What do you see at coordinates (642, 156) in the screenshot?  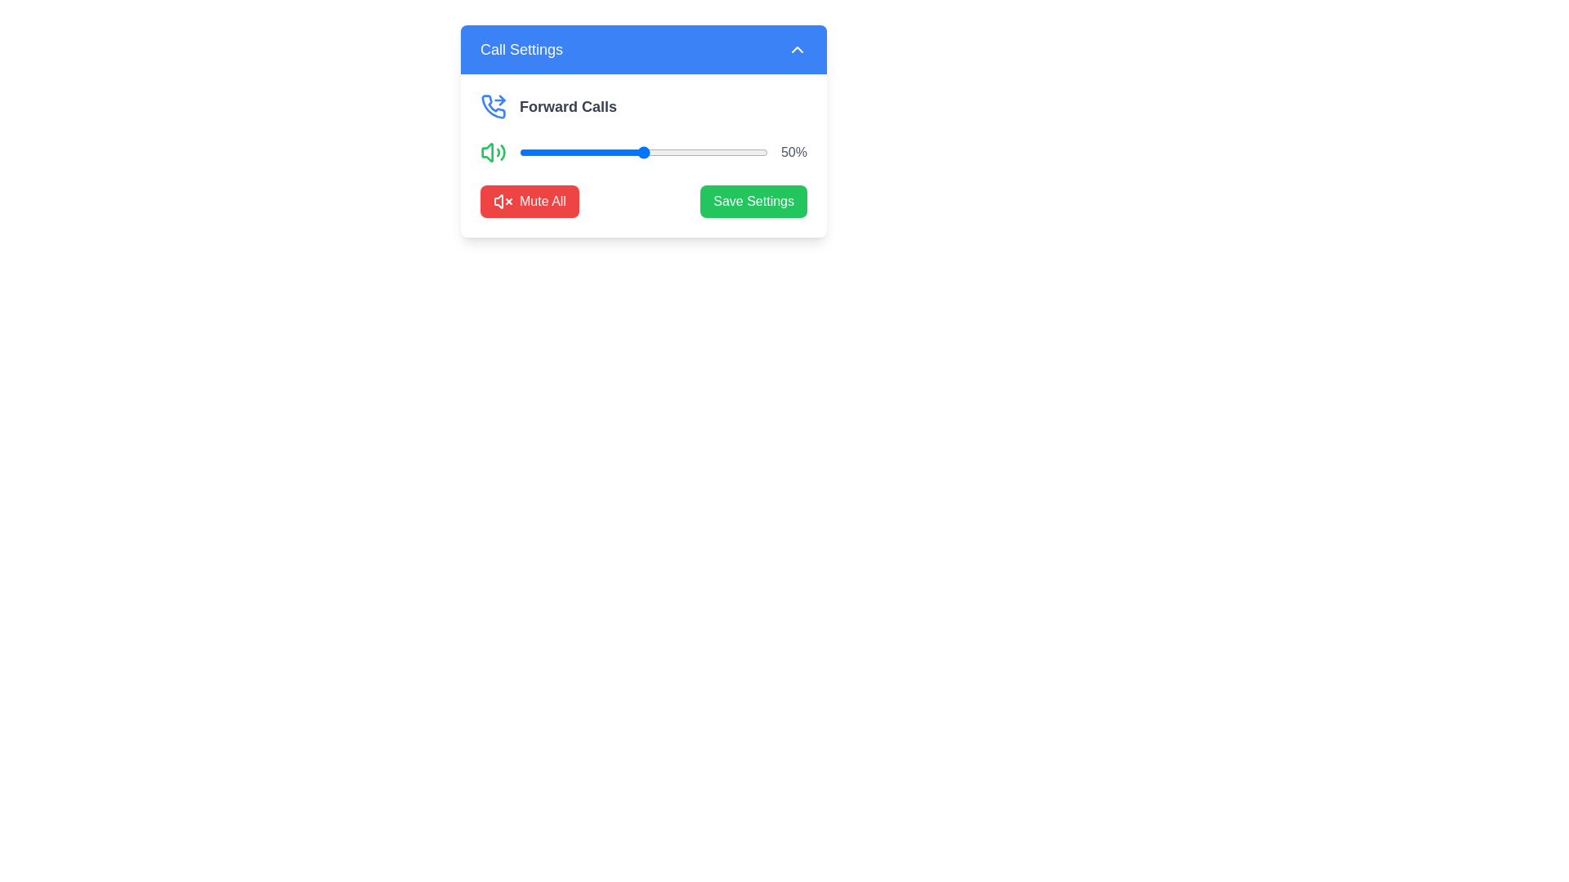 I see `the control panel for managing call settings, which includes options for adjusting call forwarding percentage and muting calls` at bounding box center [642, 156].